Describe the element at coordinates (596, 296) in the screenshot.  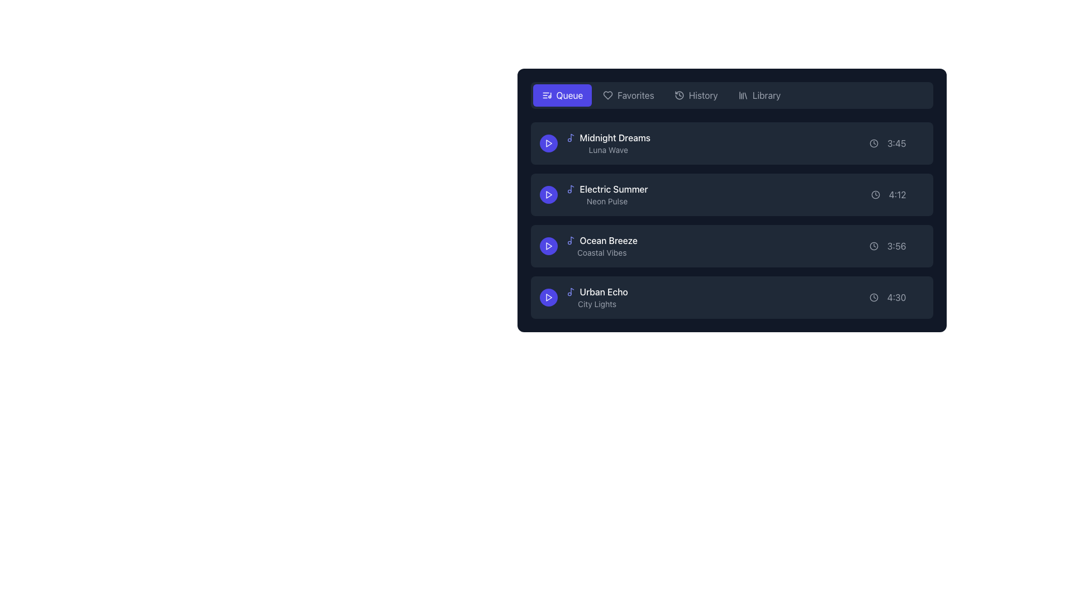
I see `the text of the Text label displaying the song metadata, which is the fourth item in the media player queue, located beneath 'Ocean Breeze' and above the duration display of 'Urban Echo'` at that location.